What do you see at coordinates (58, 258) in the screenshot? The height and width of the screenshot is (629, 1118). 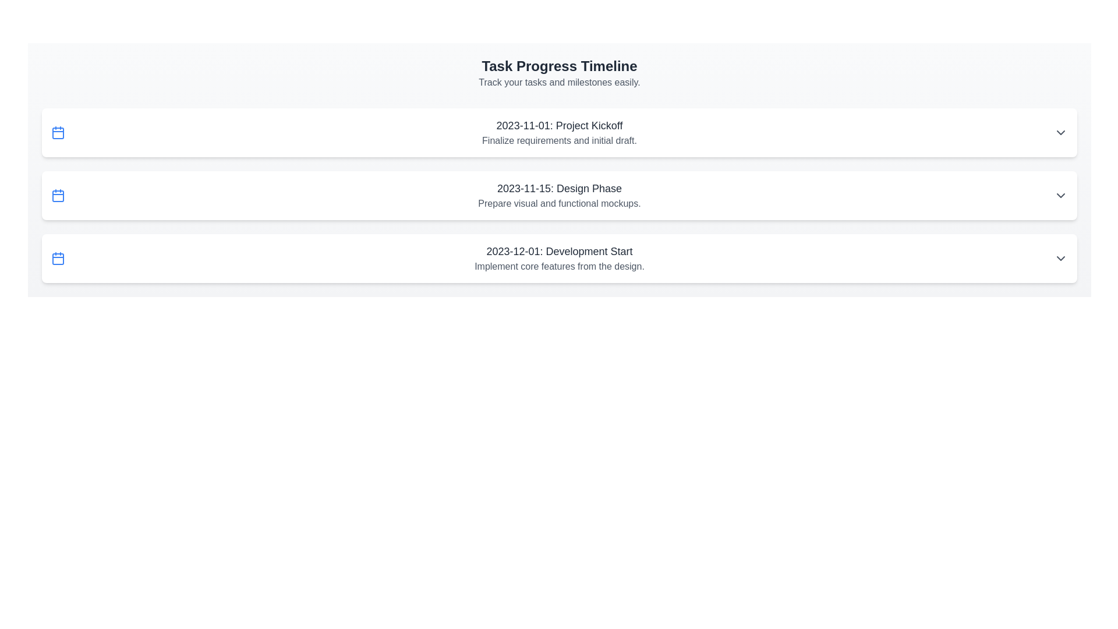 I see `the square-shaped graphical icon with rounded corners located at the center of the calendar icon in the lower list entry` at bounding box center [58, 258].